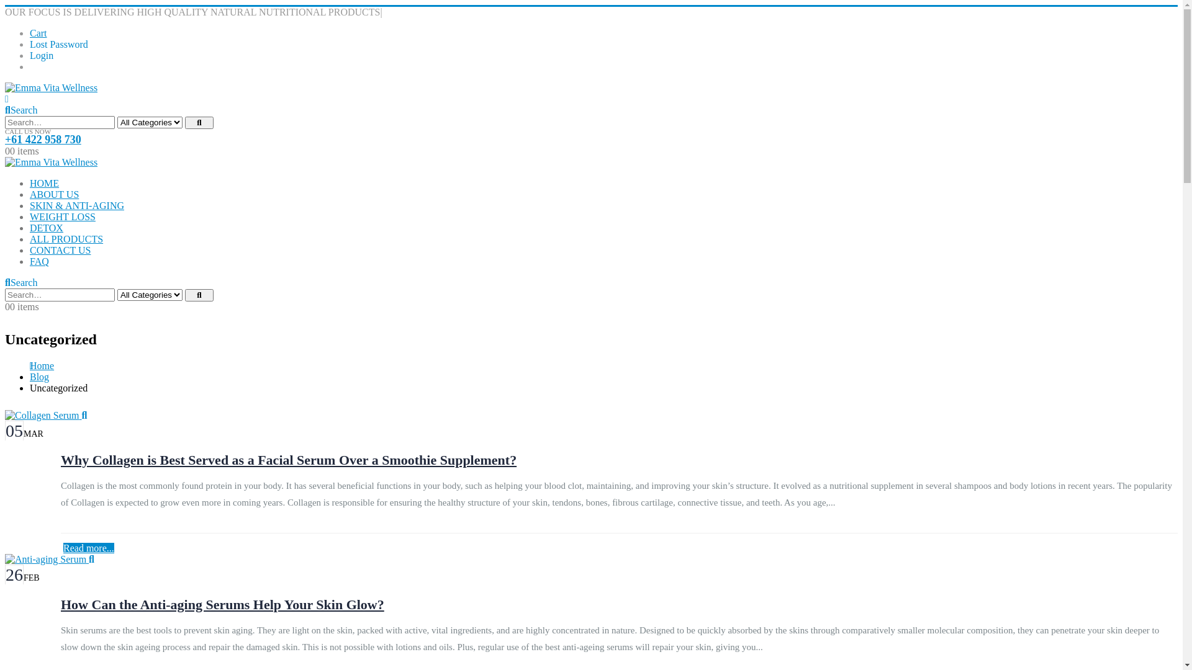  Describe the element at coordinates (43, 139) in the screenshot. I see `'+61 422 958 730'` at that location.